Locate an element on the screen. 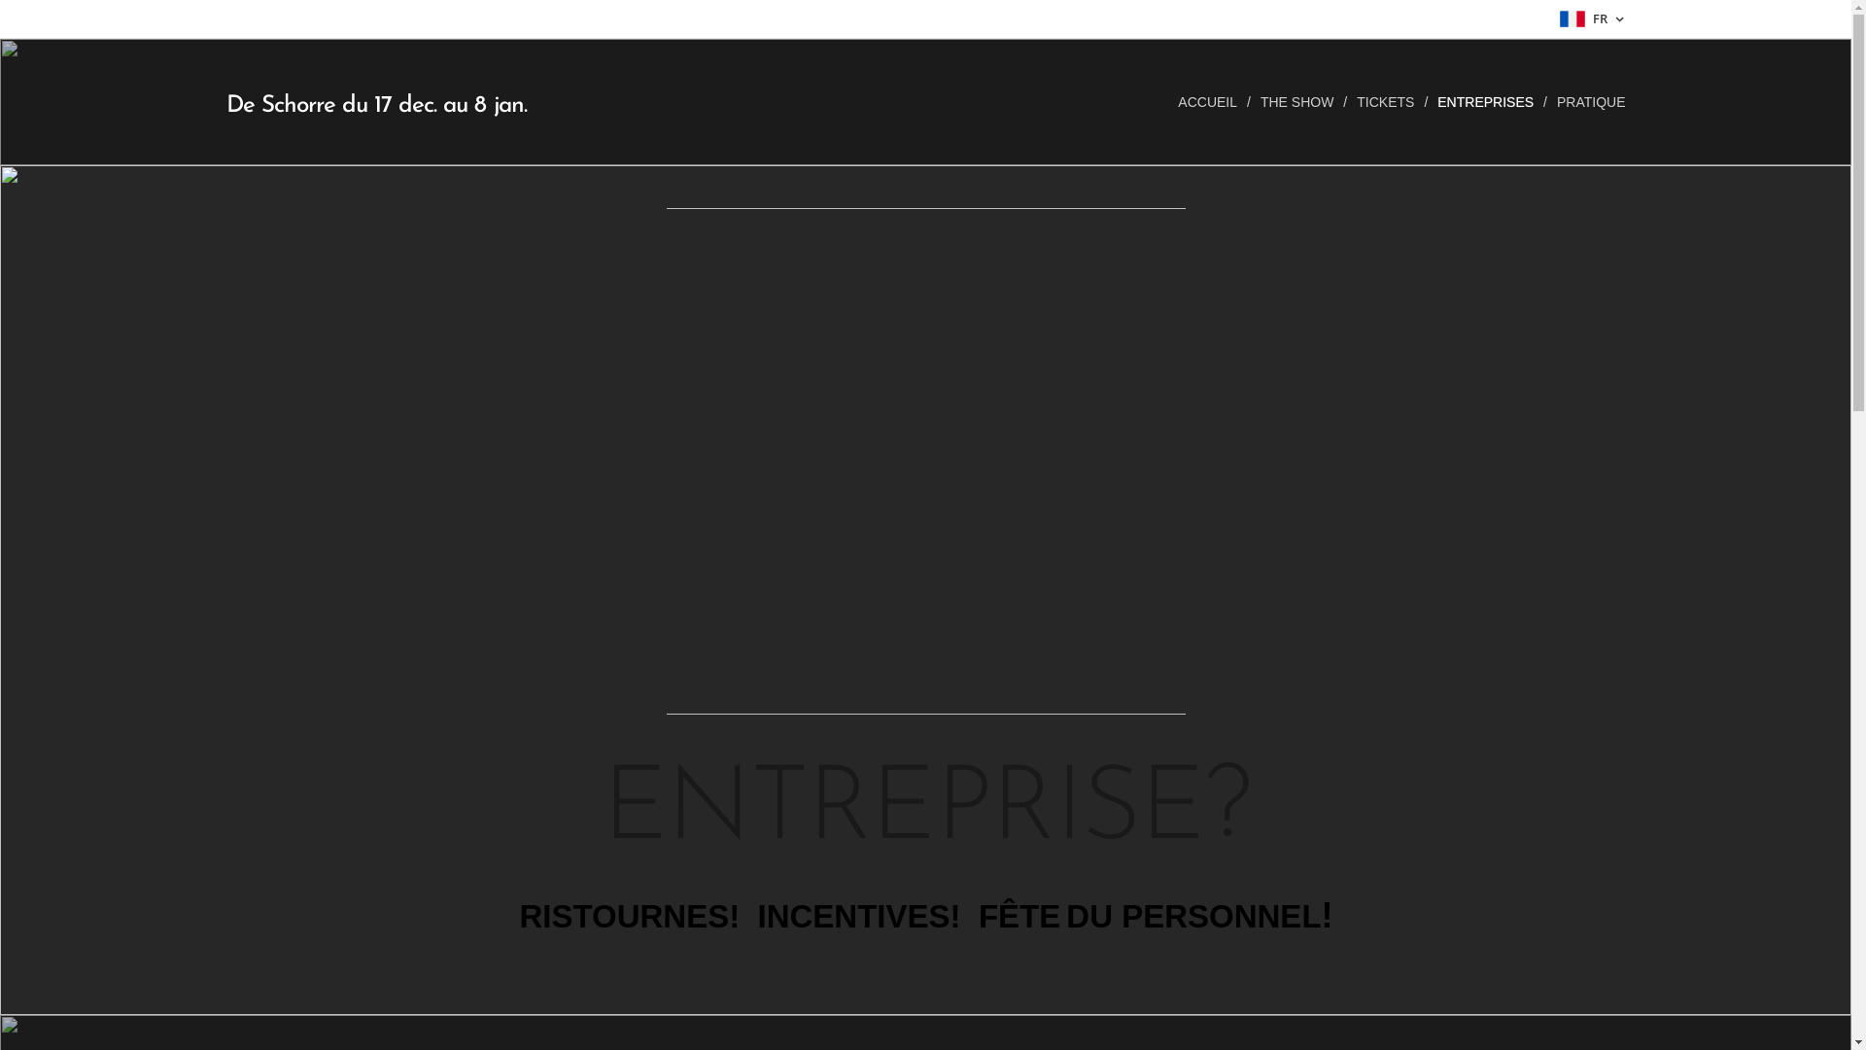  'ENTREPRISES' is located at coordinates (1486, 101).